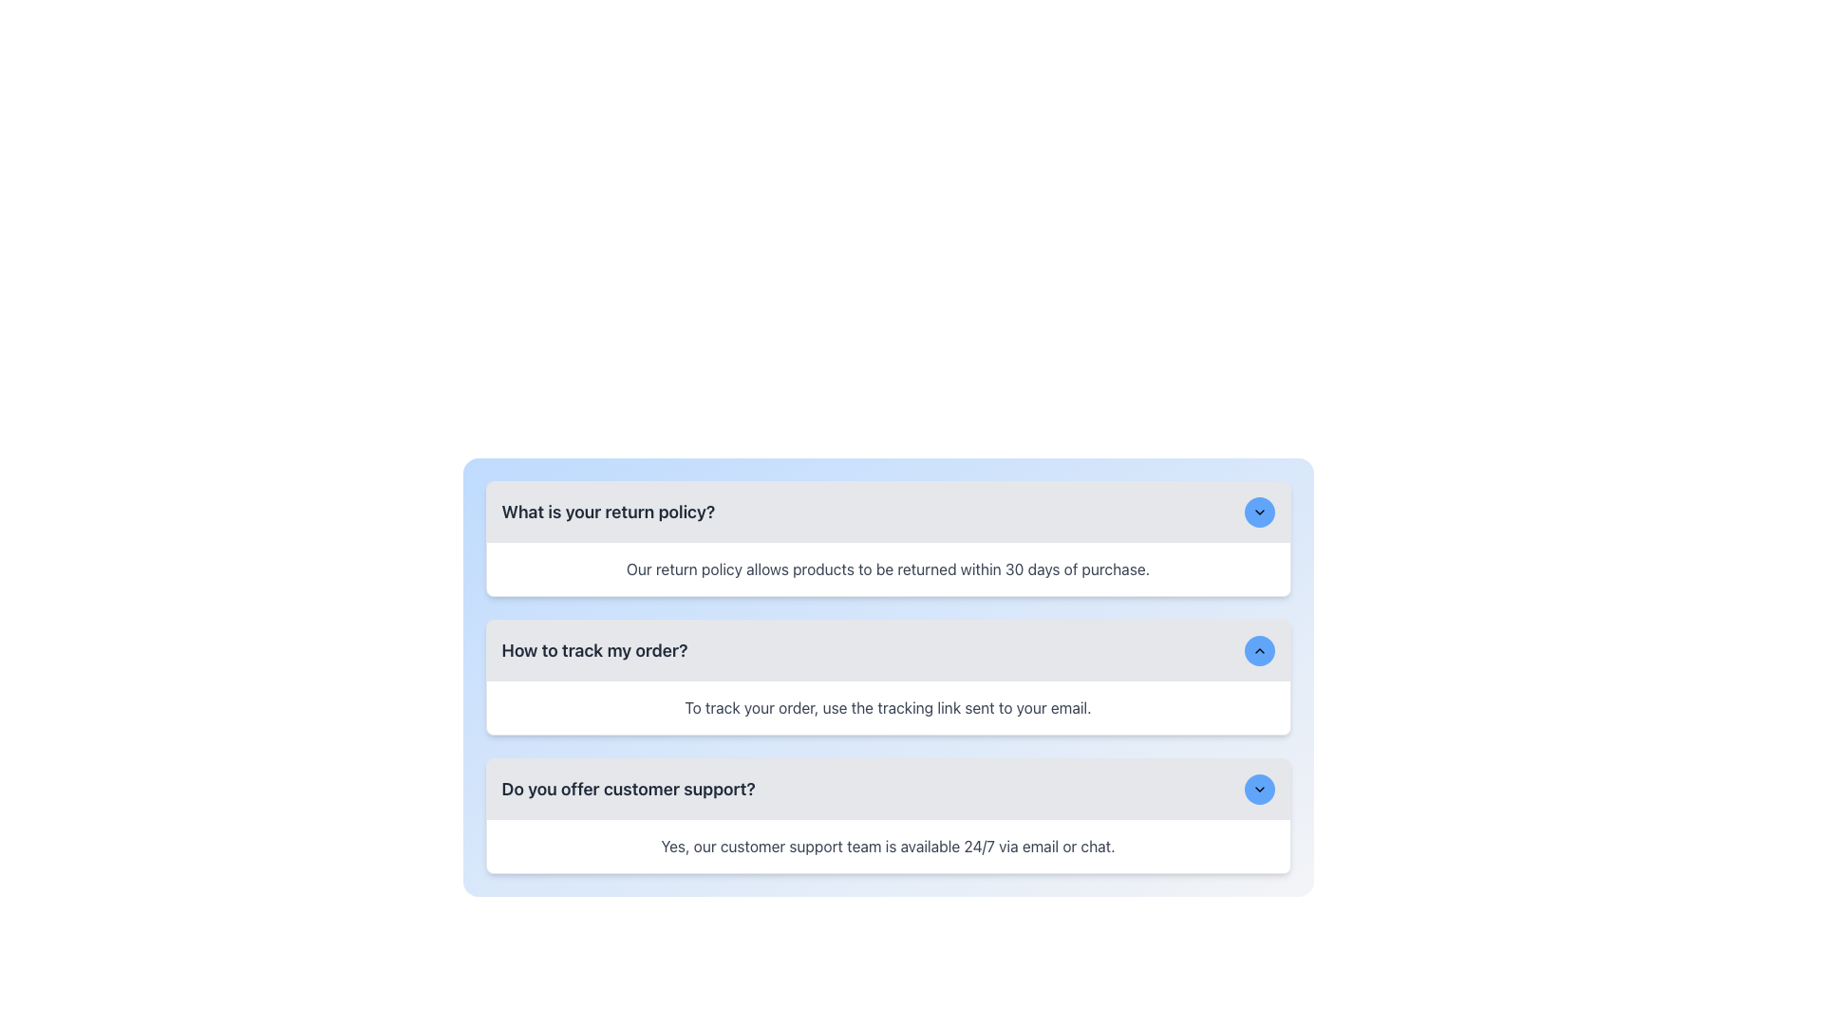 Image resolution: width=1823 pixels, height=1025 pixels. What do you see at coordinates (1259, 650) in the screenshot?
I see `the upward-pointing chevron icon located inside the circular button on the right side of the second question-answer pair in the FAQ list` at bounding box center [1259, 650].